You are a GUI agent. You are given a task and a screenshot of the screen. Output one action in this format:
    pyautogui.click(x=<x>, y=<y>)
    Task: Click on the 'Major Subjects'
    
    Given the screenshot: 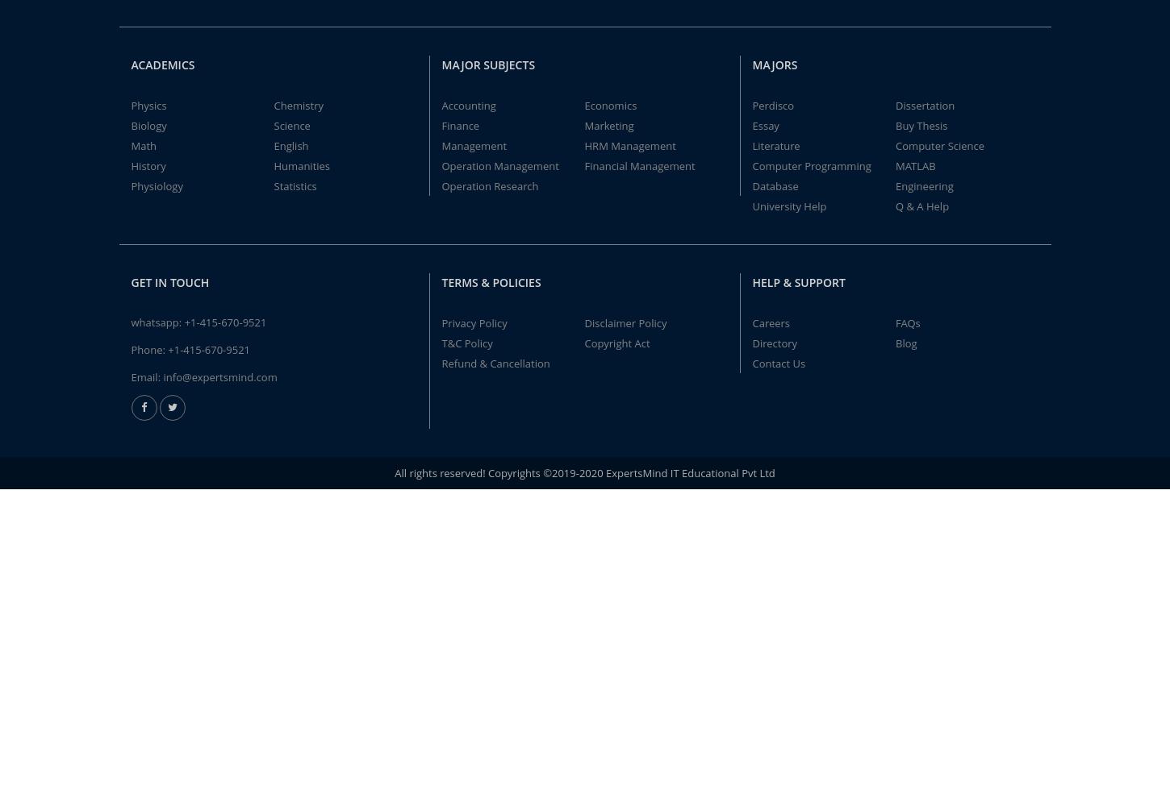 What is the action you would take?
    pyautogui.click(x=441, y=63)
    